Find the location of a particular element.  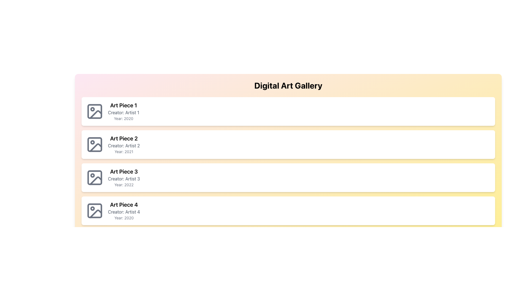

the small circle graphic element within the image icon of the first item labeled 'Art Piece 1' in the vertically-stacked list is located at coordinates (93, 109).